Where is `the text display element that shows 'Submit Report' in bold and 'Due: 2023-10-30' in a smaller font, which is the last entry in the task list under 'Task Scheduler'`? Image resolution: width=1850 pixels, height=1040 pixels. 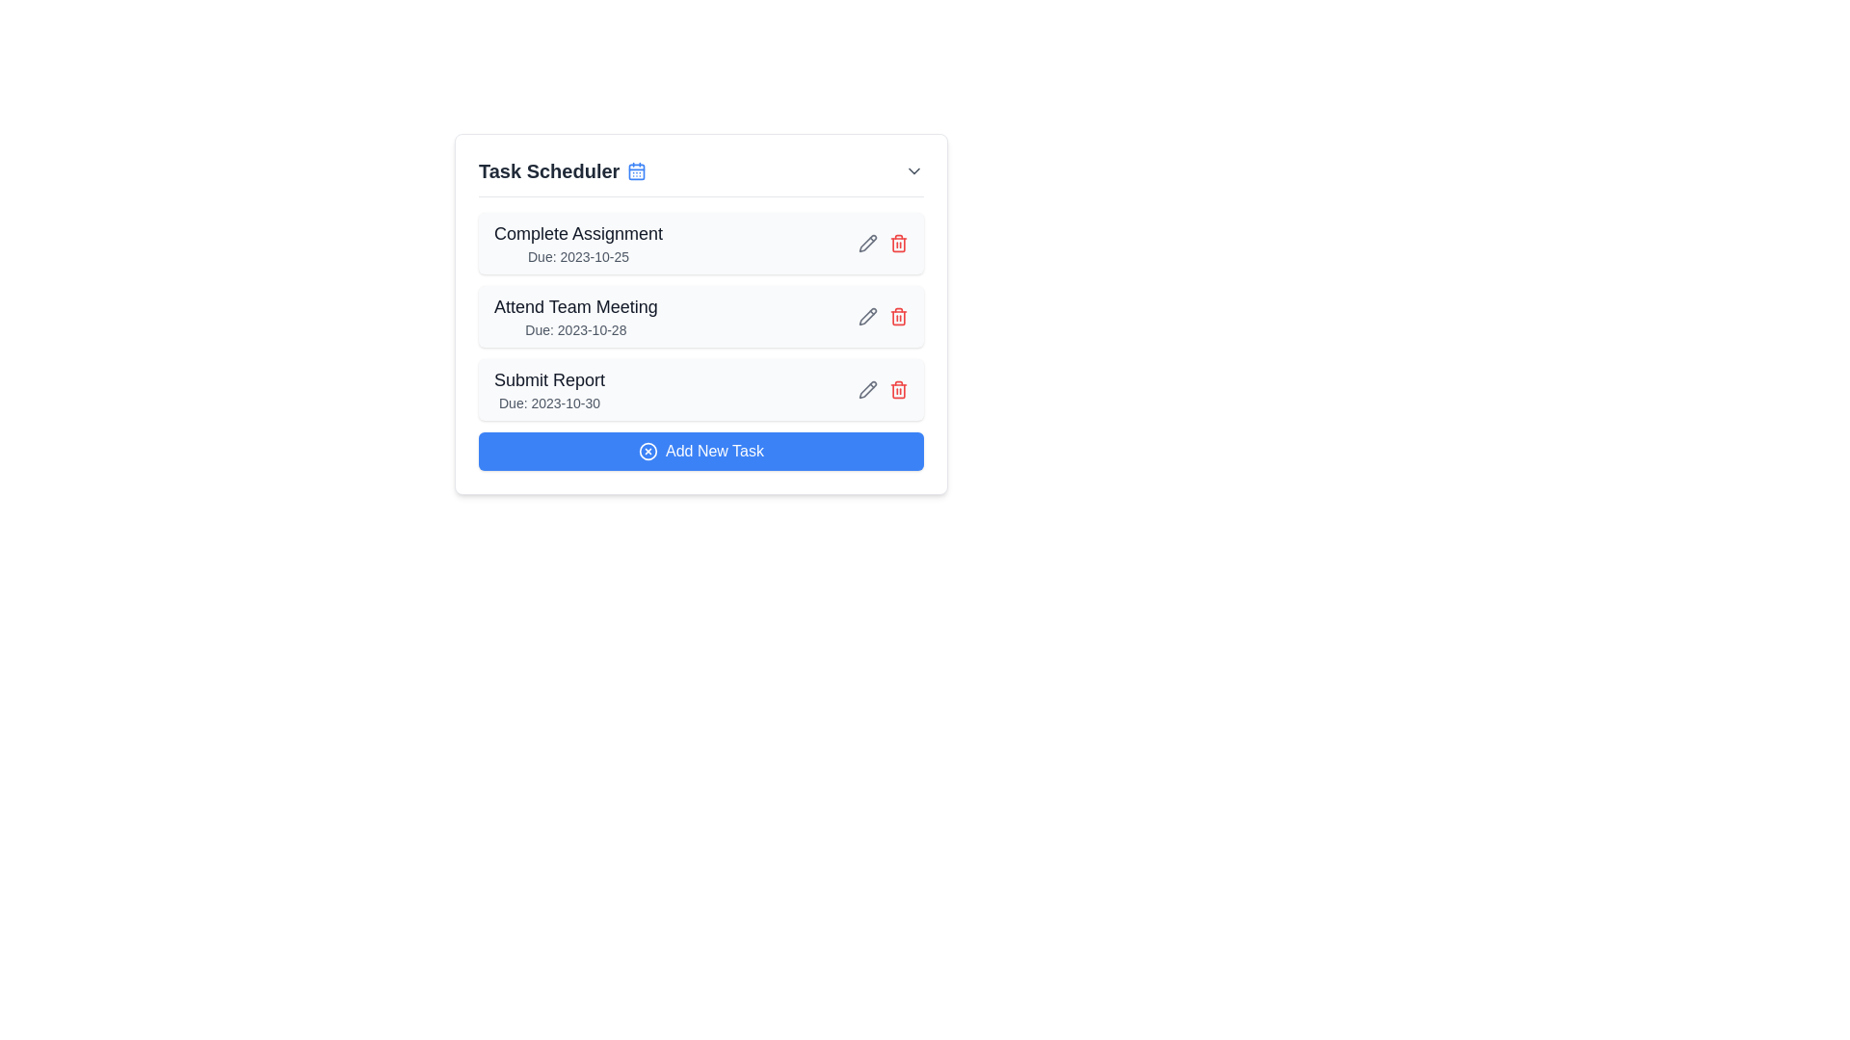
the text display element that shows 'Submit Report' in bold and 'Due: 2023-10-30' in a smaller font, which is the last entry in the task list under 'Task Scheduler' is located at coordinates (548, 390).